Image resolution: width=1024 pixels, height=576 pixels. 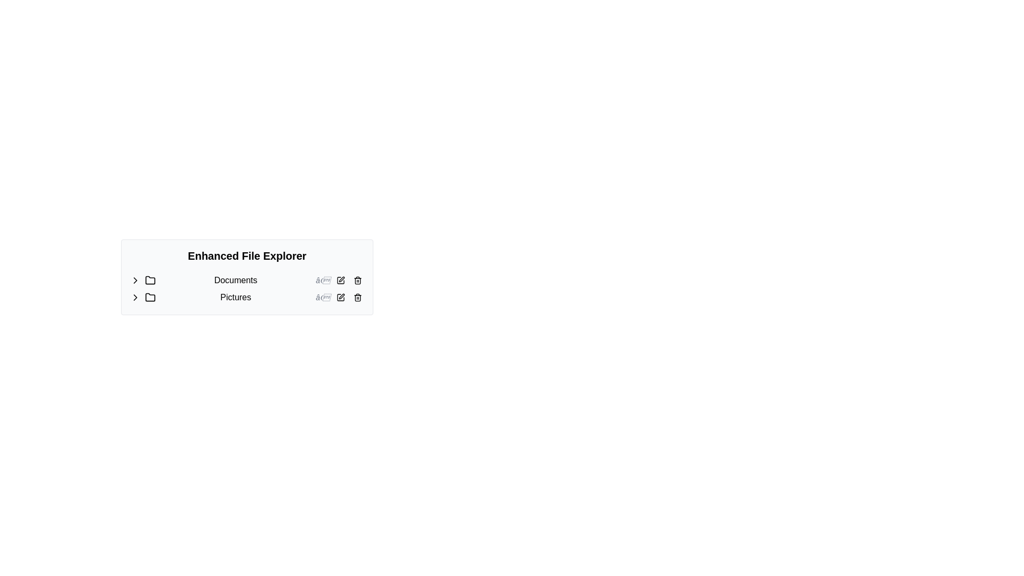 I want to click on the rightward-pointing chevron arrow icon, so click(x=135, y=279).